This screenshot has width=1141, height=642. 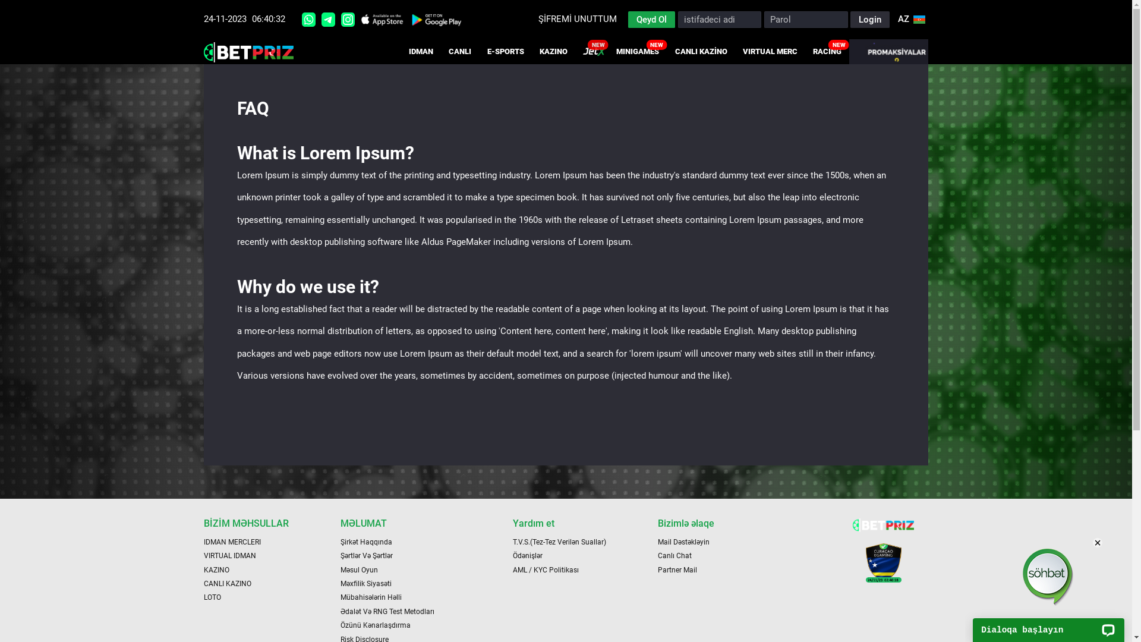 What do you see at coordinates (505, 51) in the screenshot?
I see `'E-SPORTS'` at bounding box center [505, 51].